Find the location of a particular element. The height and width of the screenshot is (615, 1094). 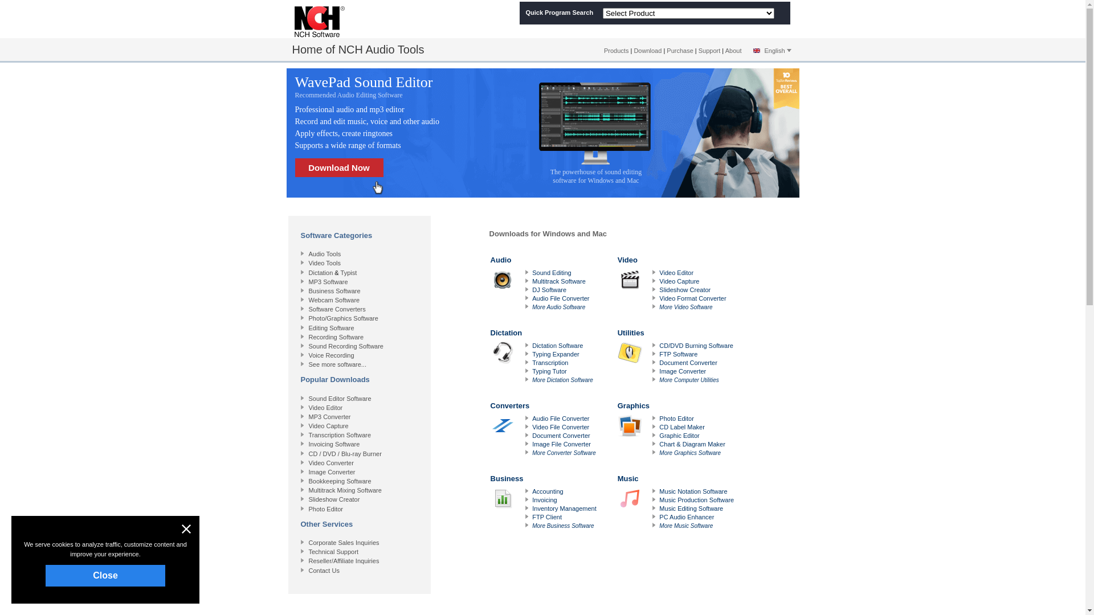

'More Music Software' is located at coordinates (685, 526).